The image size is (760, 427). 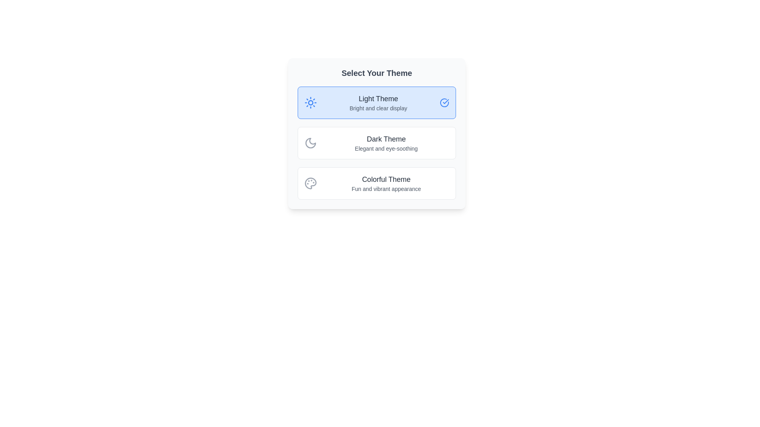 I want to click on the sun icon located on the far left of the top option card in the theme selection interface, adjacent to the 'Light Theme' and 'Bright and clear display' labels, so click(x=310, y=102).